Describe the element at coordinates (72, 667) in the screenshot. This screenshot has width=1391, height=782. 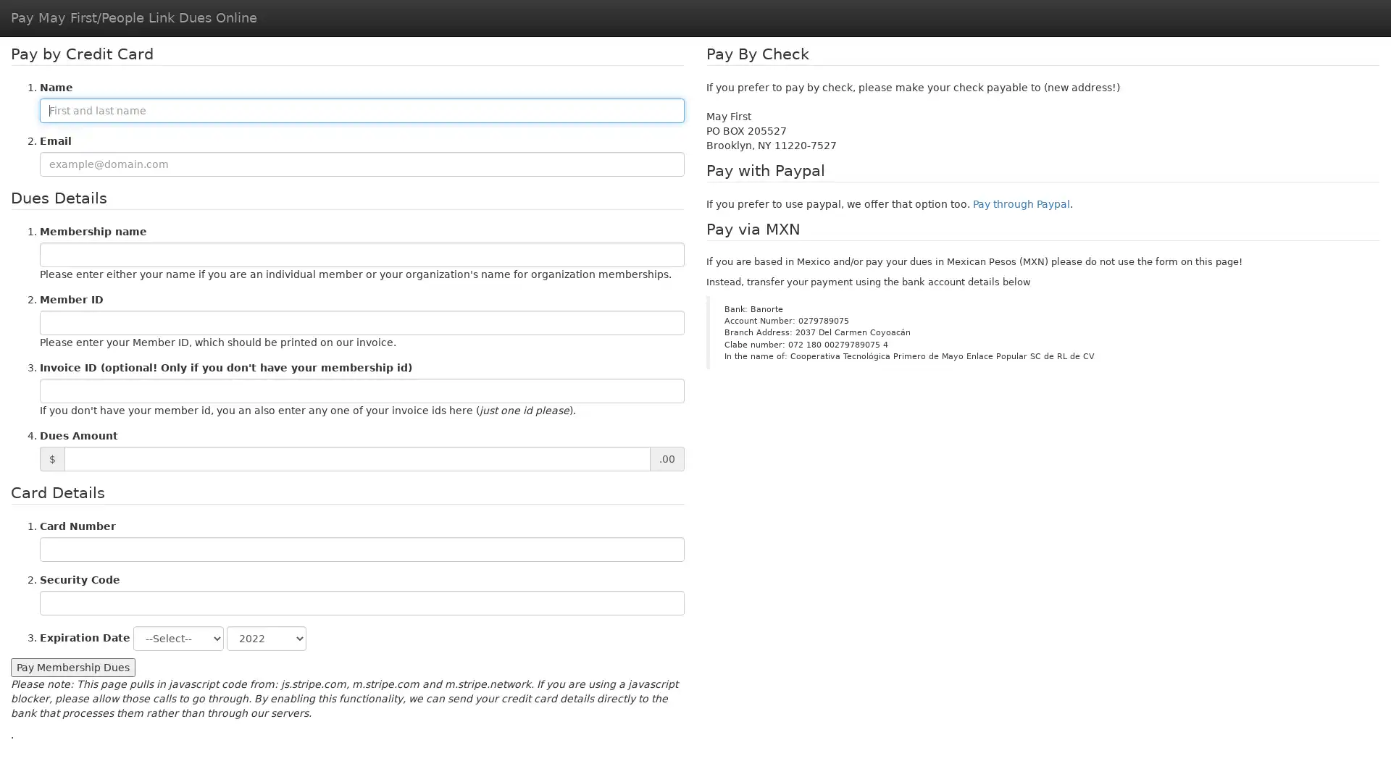
I see `Pay Membership Dues` at that location.